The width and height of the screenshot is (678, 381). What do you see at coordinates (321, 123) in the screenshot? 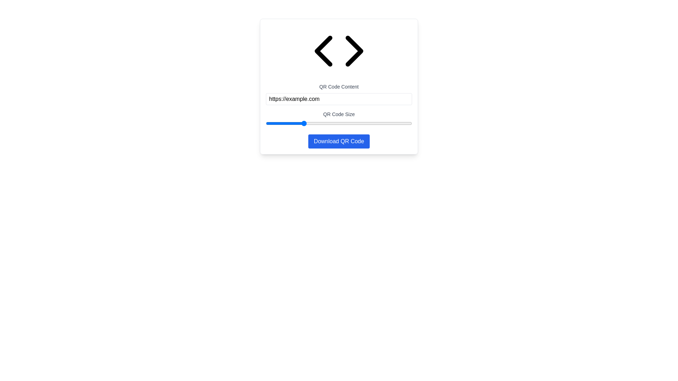
I see `the QR code size` at bounding box center [321, 123].